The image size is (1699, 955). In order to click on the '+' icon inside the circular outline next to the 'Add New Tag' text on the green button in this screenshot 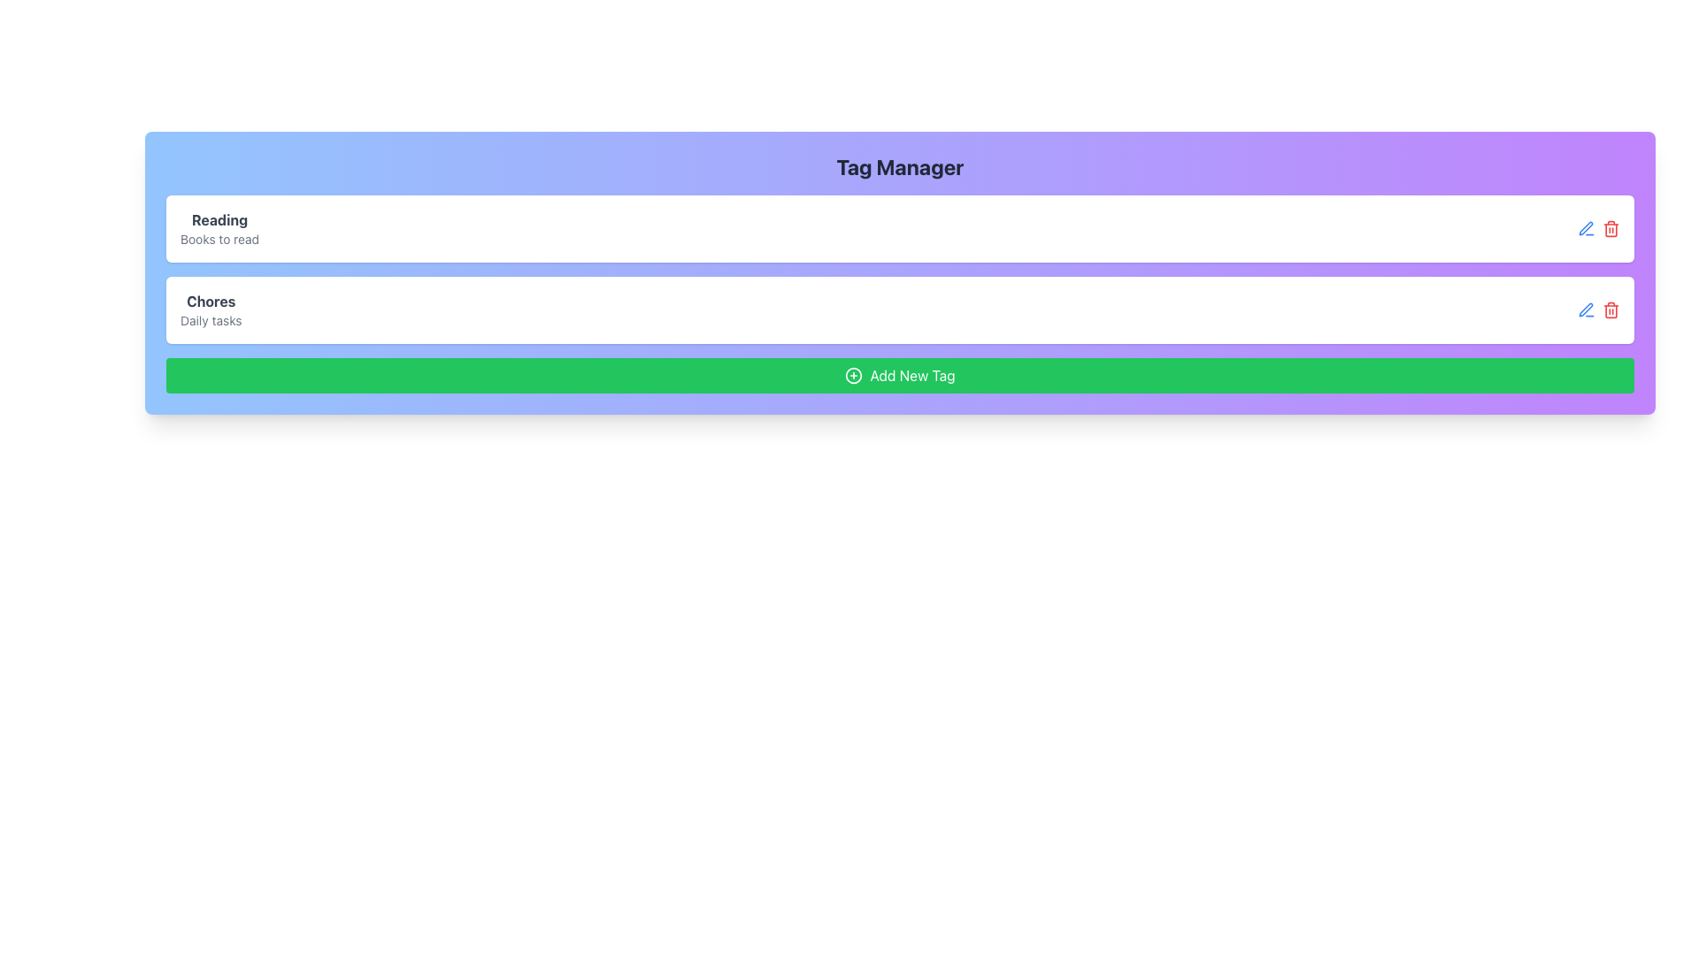, I will do `click(854, 374)`.